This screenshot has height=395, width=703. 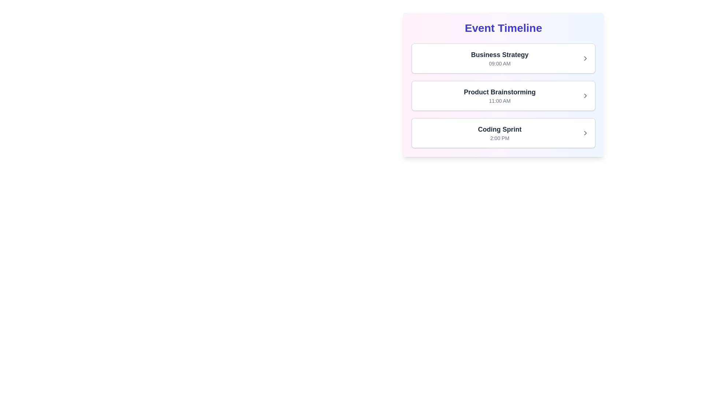 I want to click on the text label displaying '09:00 AM' that is light gray and located below the heading 'Business Strategy' within the event timeline card, so click(x=499, y=63).